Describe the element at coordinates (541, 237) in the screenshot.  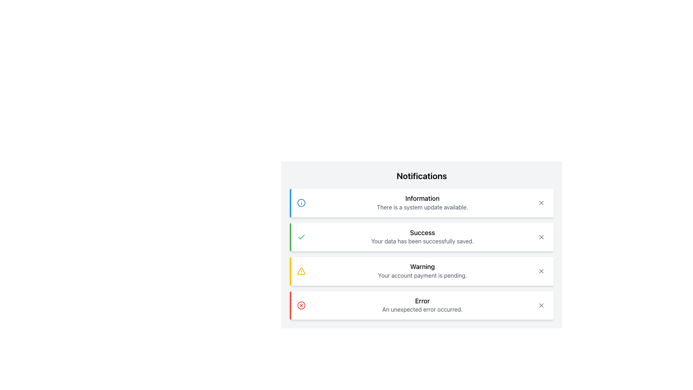
I see `the Close button icon located on the right edge of the success notification row` at that location.